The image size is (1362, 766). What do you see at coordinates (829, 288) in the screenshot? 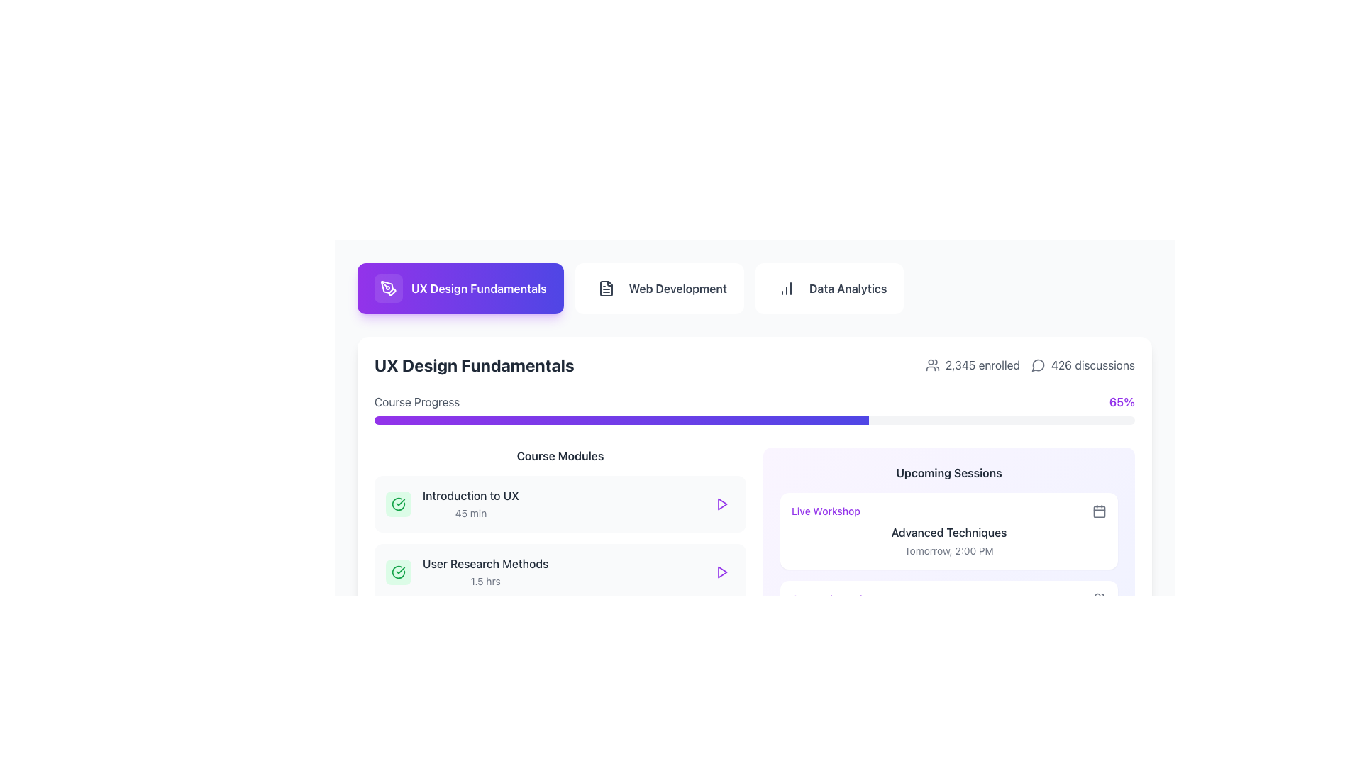
I see `the navigation button that leads to the 'Data Analytics' section, which is the third button in a row at the top center of the interface, located between the 'Web Development' button and empty space` at bounding box center [829, 288].